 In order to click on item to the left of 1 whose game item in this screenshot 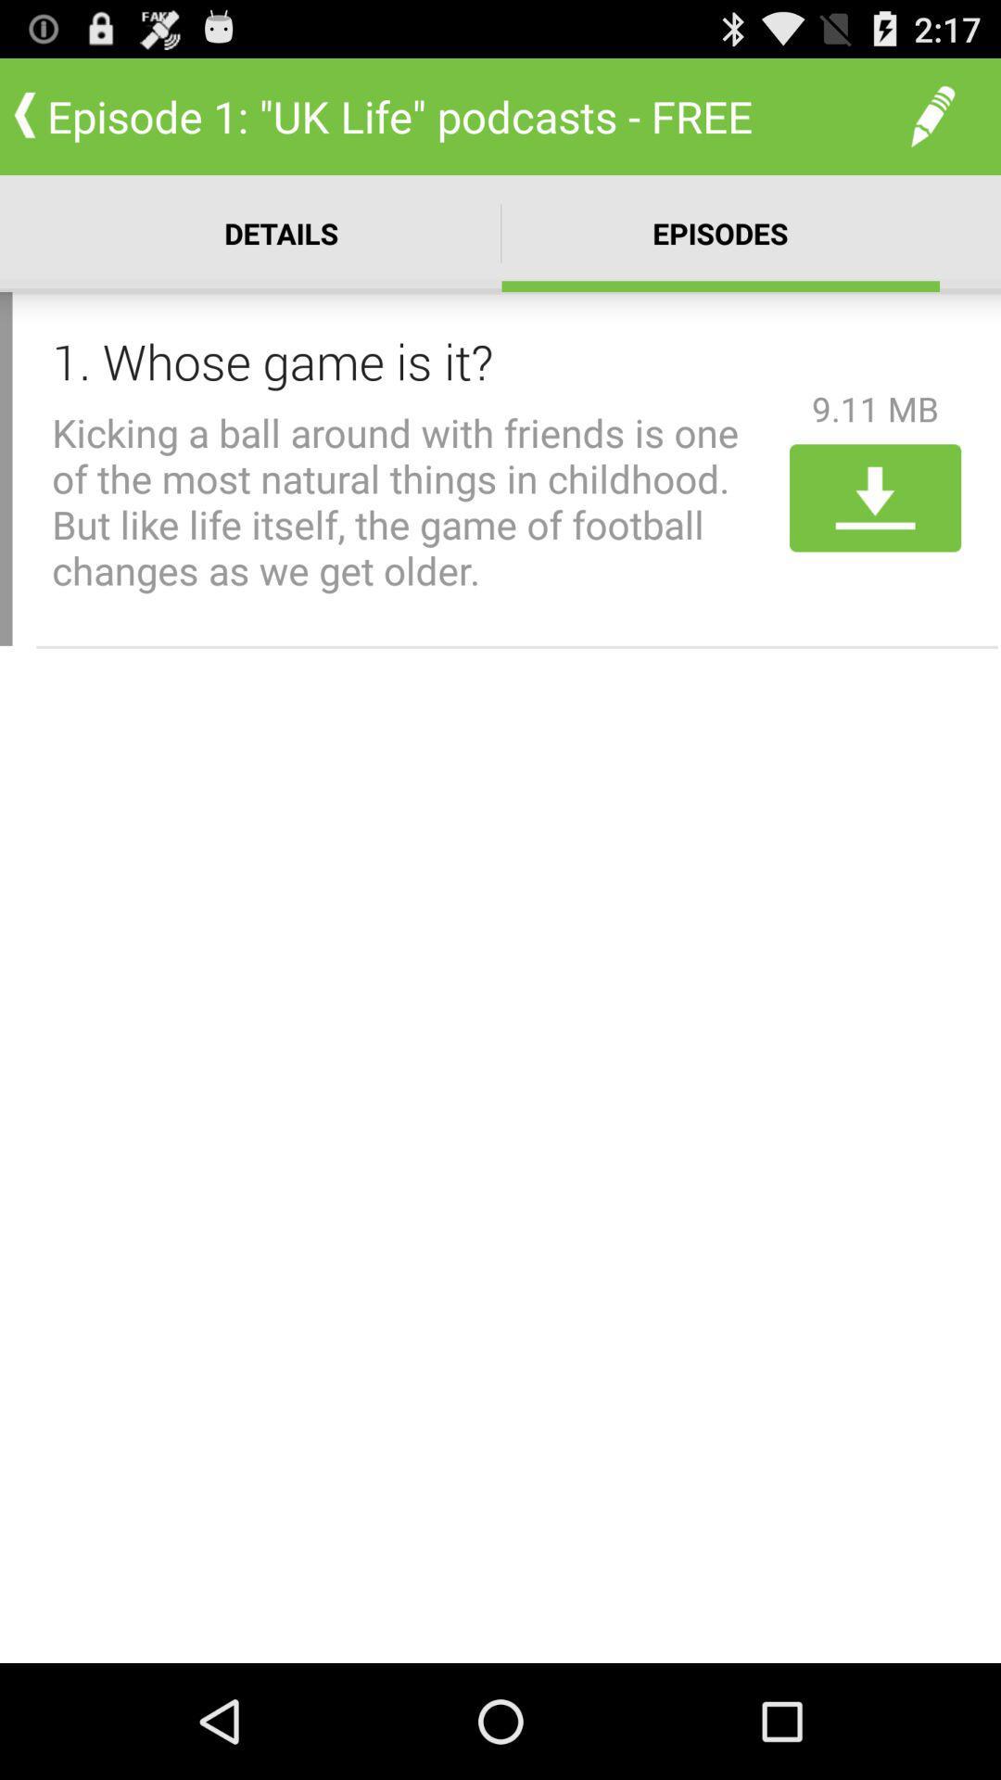, I will do `click(6, 468)`.